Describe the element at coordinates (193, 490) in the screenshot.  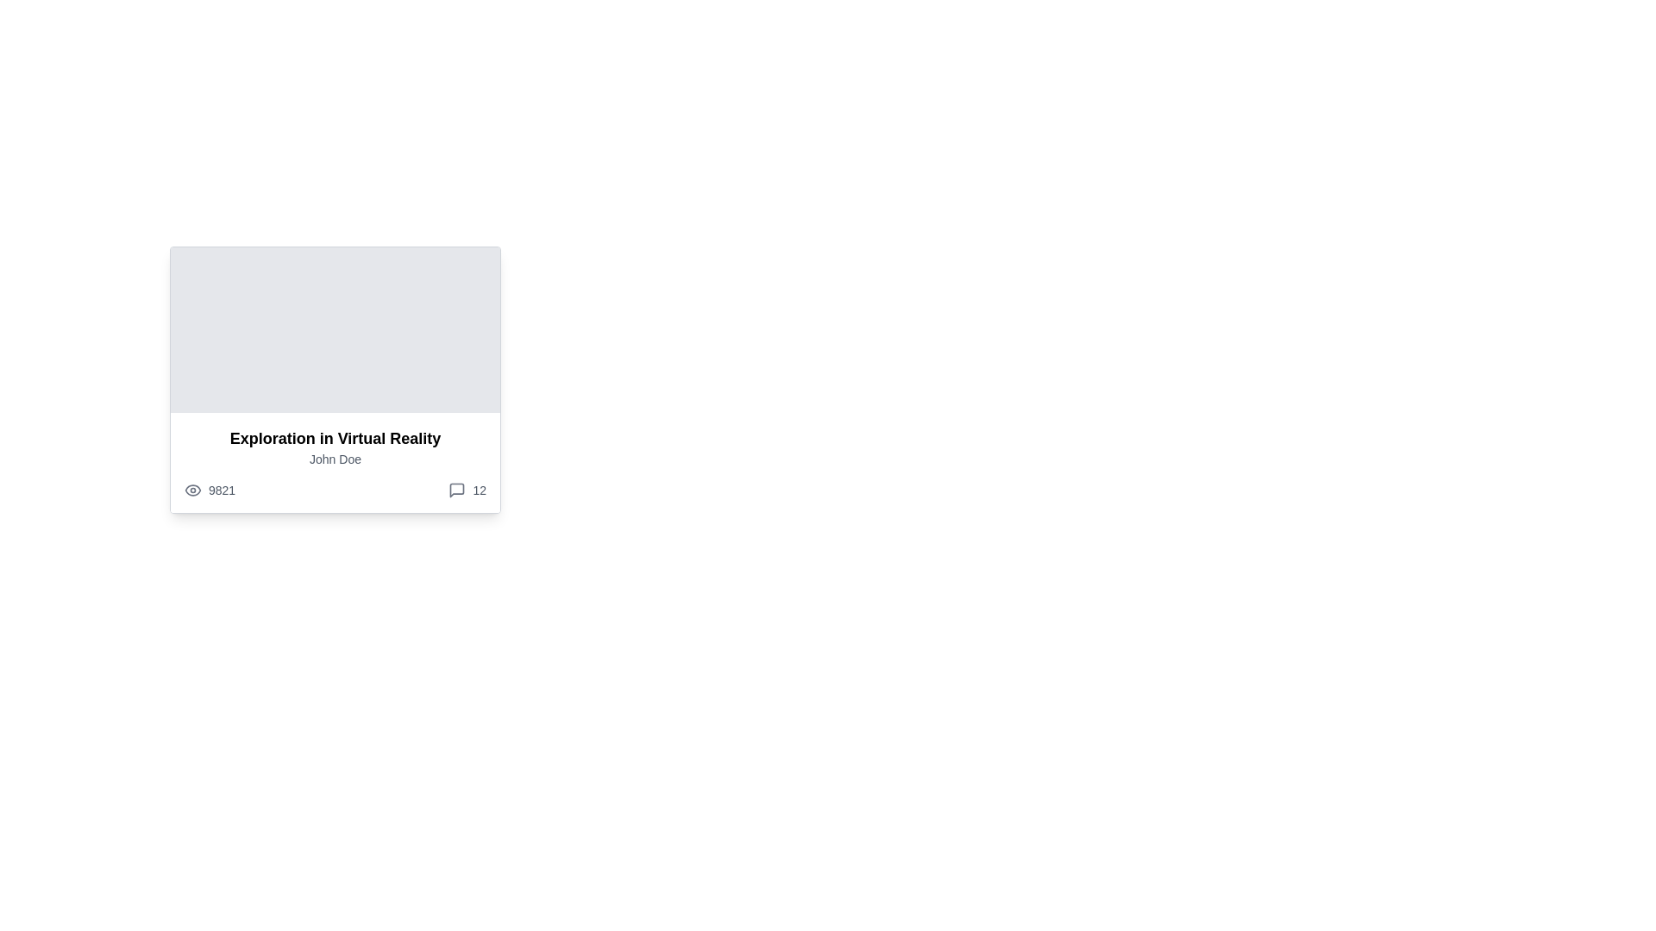
I see `the visibility icon located to the left of the text '9821'` at that location.